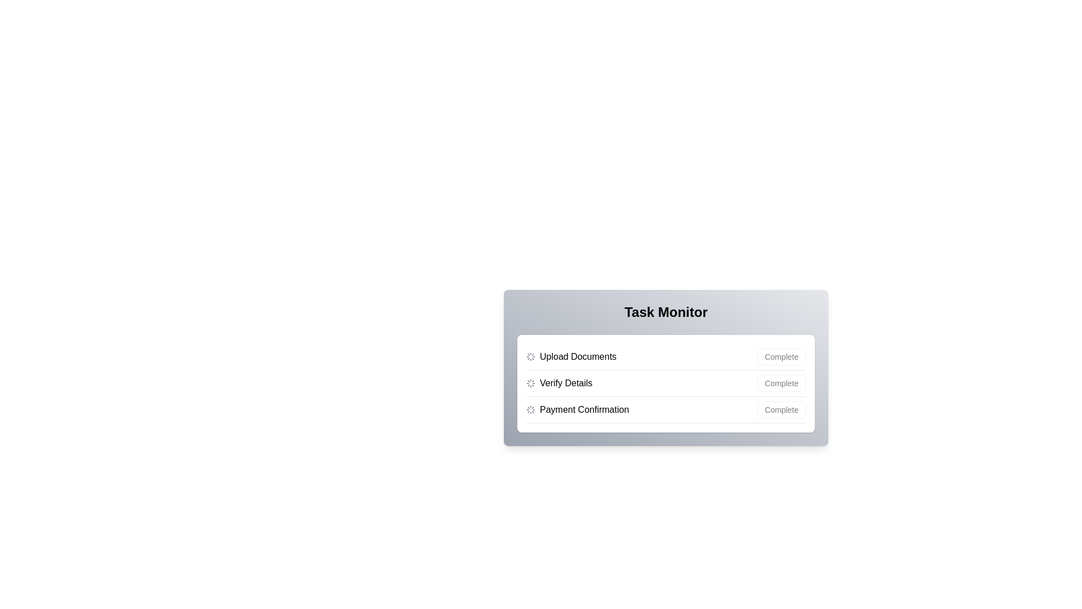  What do you see at coordinates (530, 382) in the screenshot?
I see `the loading indicator element, which is a spinning loader icon styled with gray color, located to the left of the text 'Verify Details' in the task monitor list` at bounding box center [530, 382].